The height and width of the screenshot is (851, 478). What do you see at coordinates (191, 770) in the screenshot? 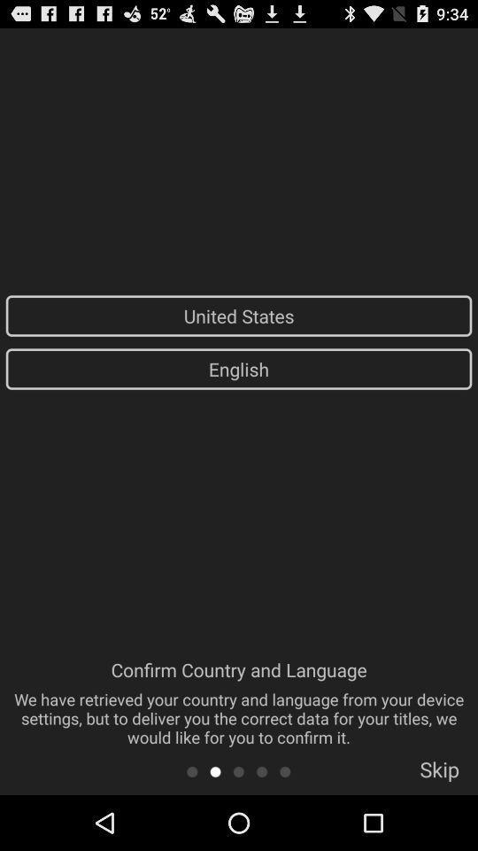
I see `go back` at bounding box center [191, 770].